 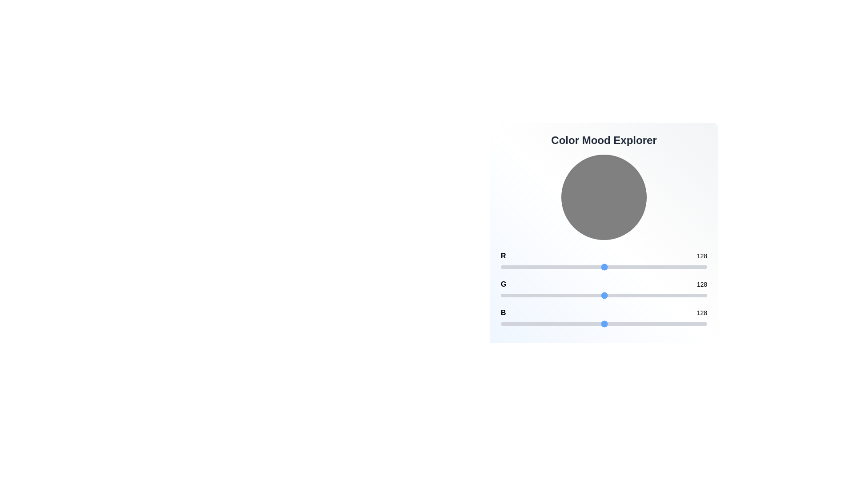 I want to click on the red channel slider to 164 value, so click(x=633, y=267).